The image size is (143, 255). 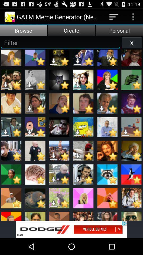 What do you see at coordinates (60, 42) in the screenshot?
I see `type in search bar` at bounding box center [60, 42].